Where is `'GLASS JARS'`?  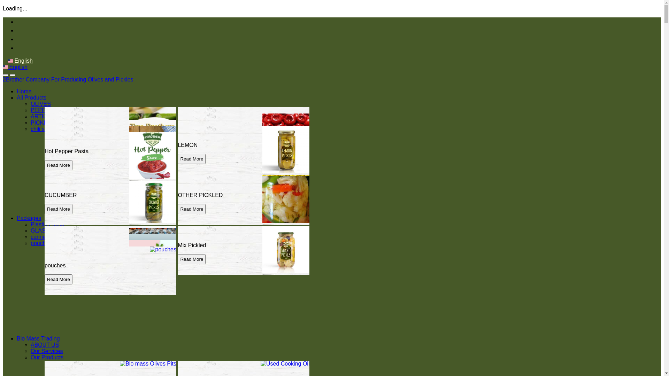 'GLASS JARS' is located at coordinates (47, 230).